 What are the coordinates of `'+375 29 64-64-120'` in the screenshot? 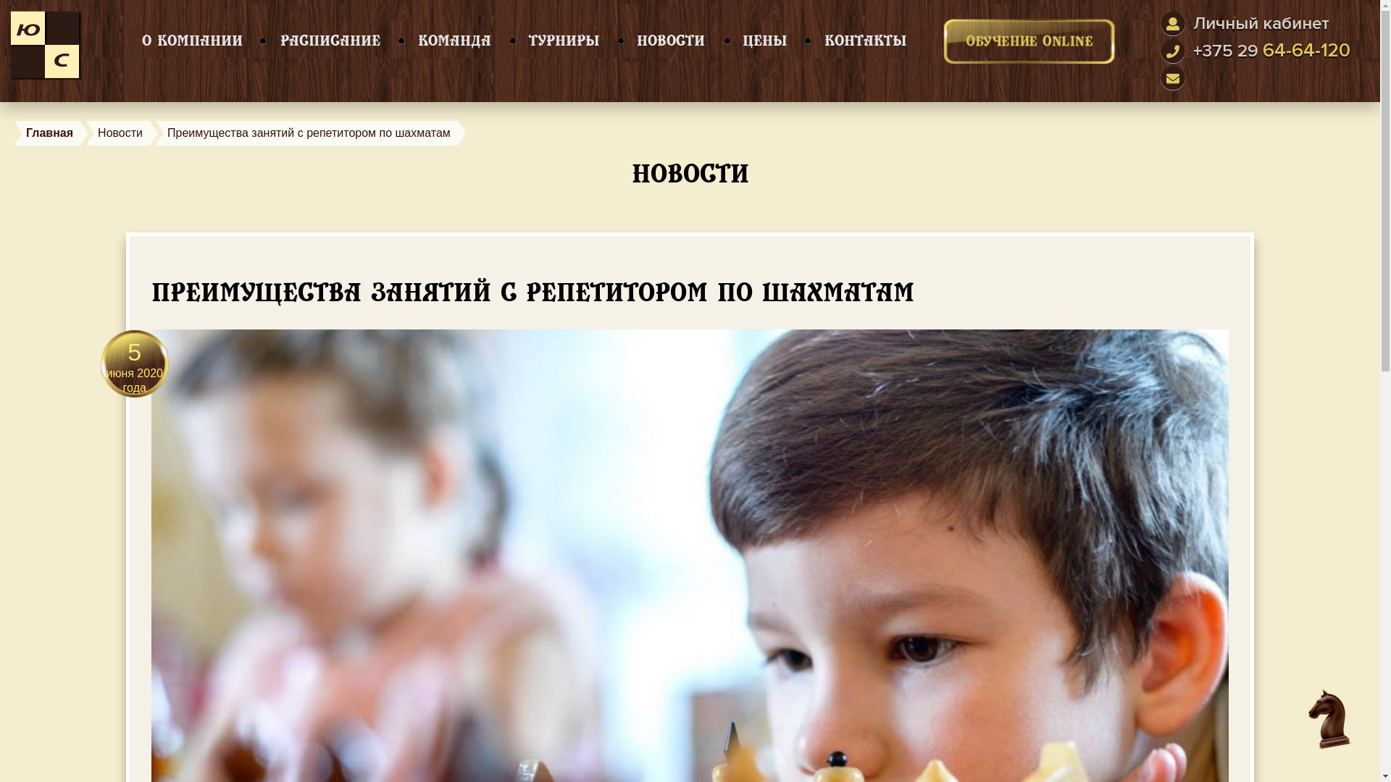 It's located at (1271, 50).